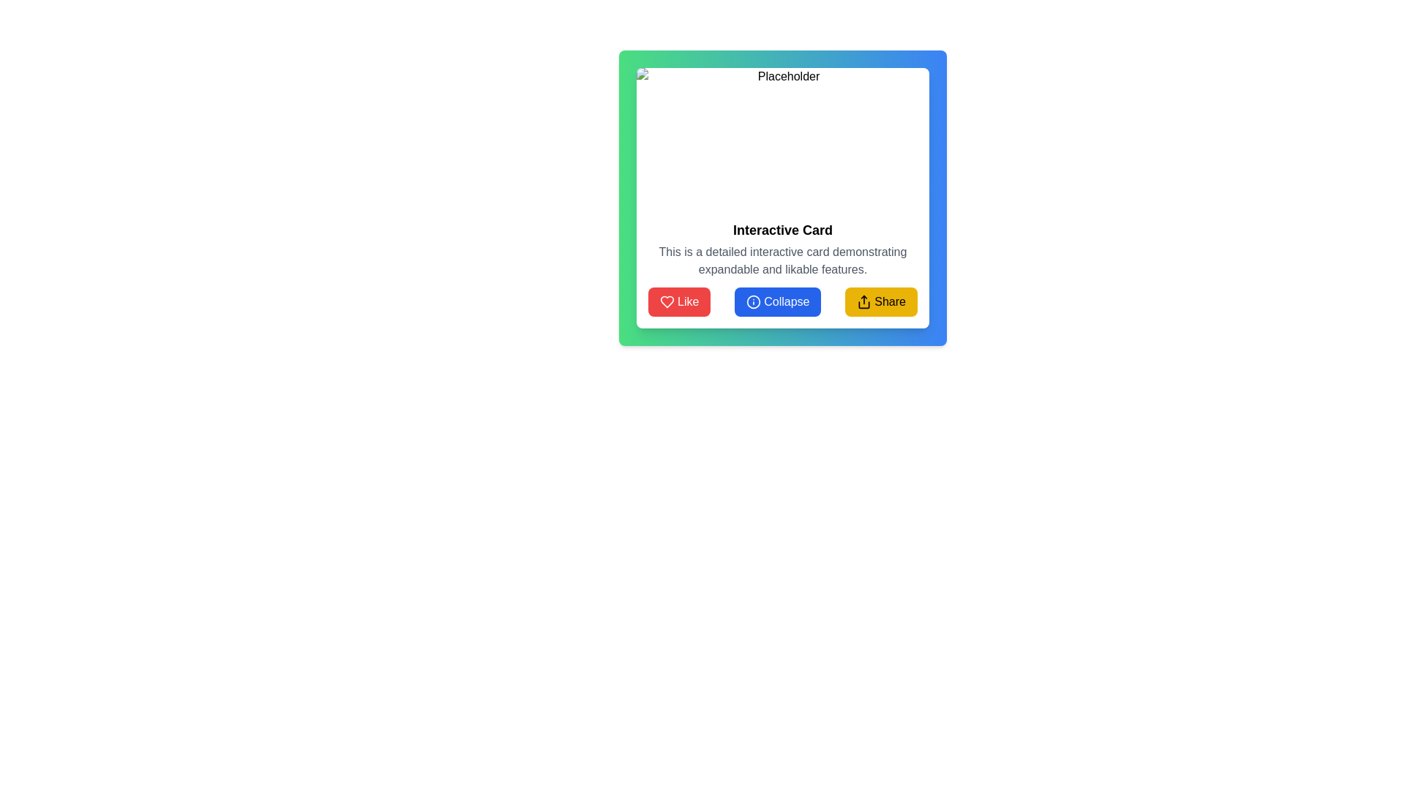 This screenshot has width=1405, height=790. What do you see at coordinates (880, 301) in the screenshot?
I see `the 'Share' button, which is a rectangular button with a bright yellow background, black text, and an upward arrow icon, located at the bottom-right part of a card component` at bounding box center [880, 301].